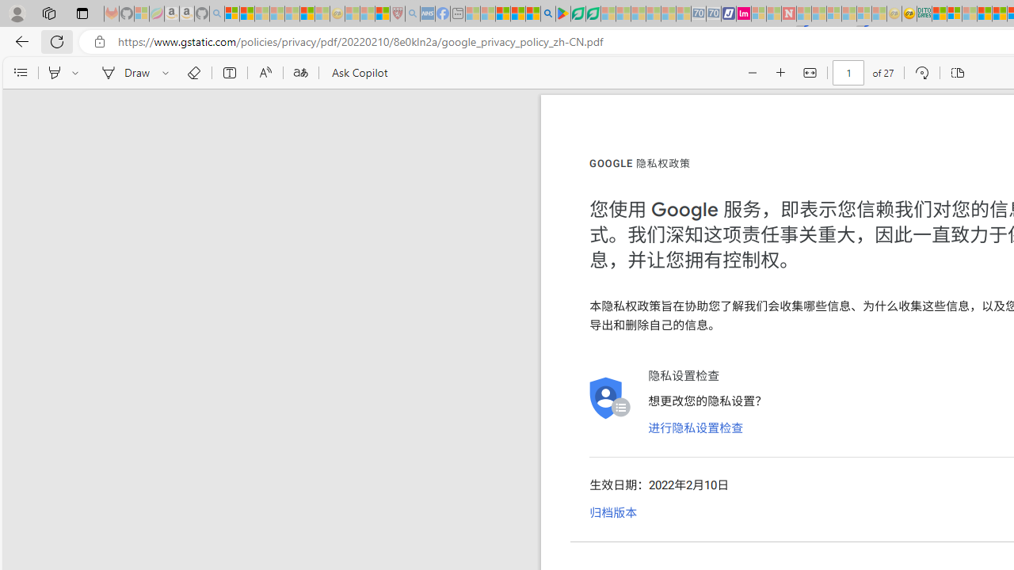 Image resolution: width=1014 pixels, height=570 pixels. Describe the element at coordinates (939, 13) in the screenshot. I see `'MSNBC - MSN'` at that location.